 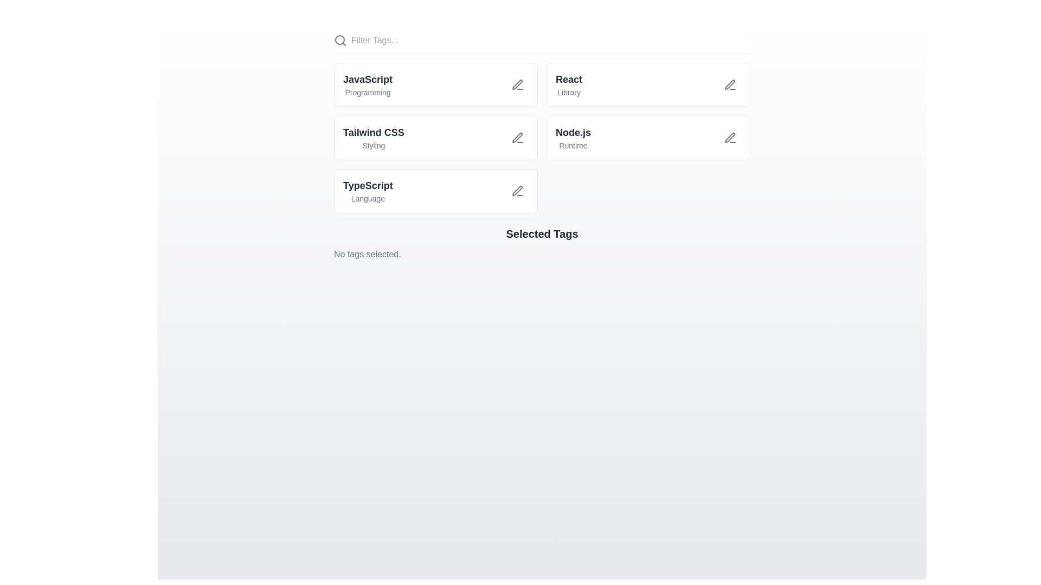 I want to click on the pen icon button located in the upper portion of the interface, associated with 'JavaScript Programming', so click(x=517, y=84).